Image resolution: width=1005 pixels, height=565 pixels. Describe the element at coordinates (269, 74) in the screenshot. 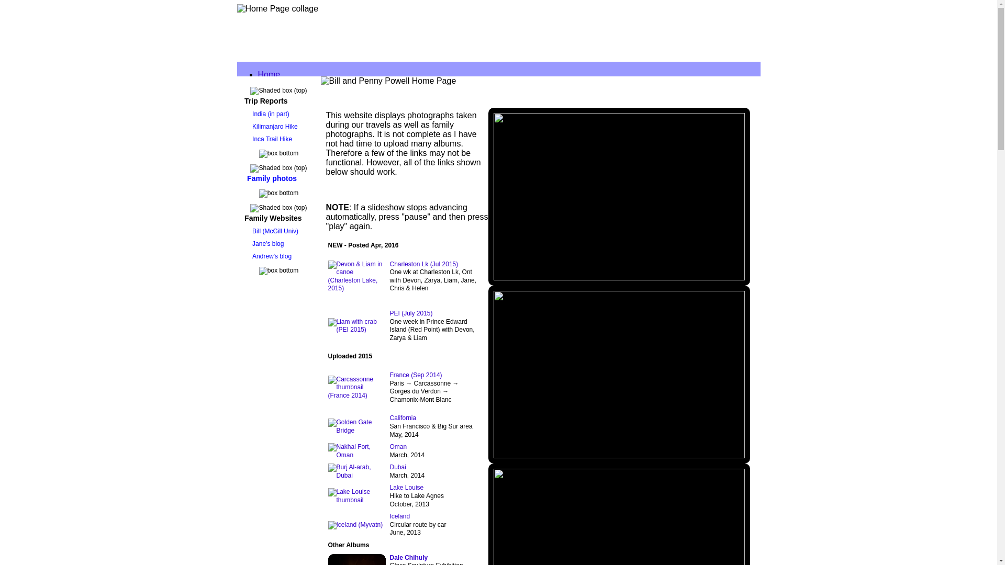

I see `'Home'` at that location.